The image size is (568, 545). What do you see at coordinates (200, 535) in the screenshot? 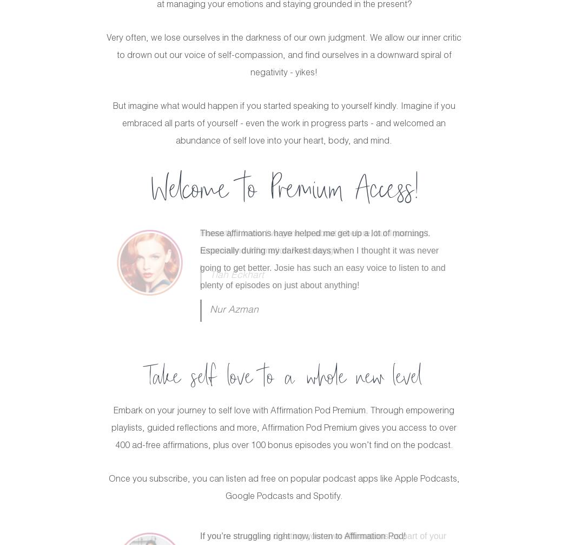
I see `'If you’re struggling right now, listen to Affirmation Pod!'` at bounding box center [200, 535].